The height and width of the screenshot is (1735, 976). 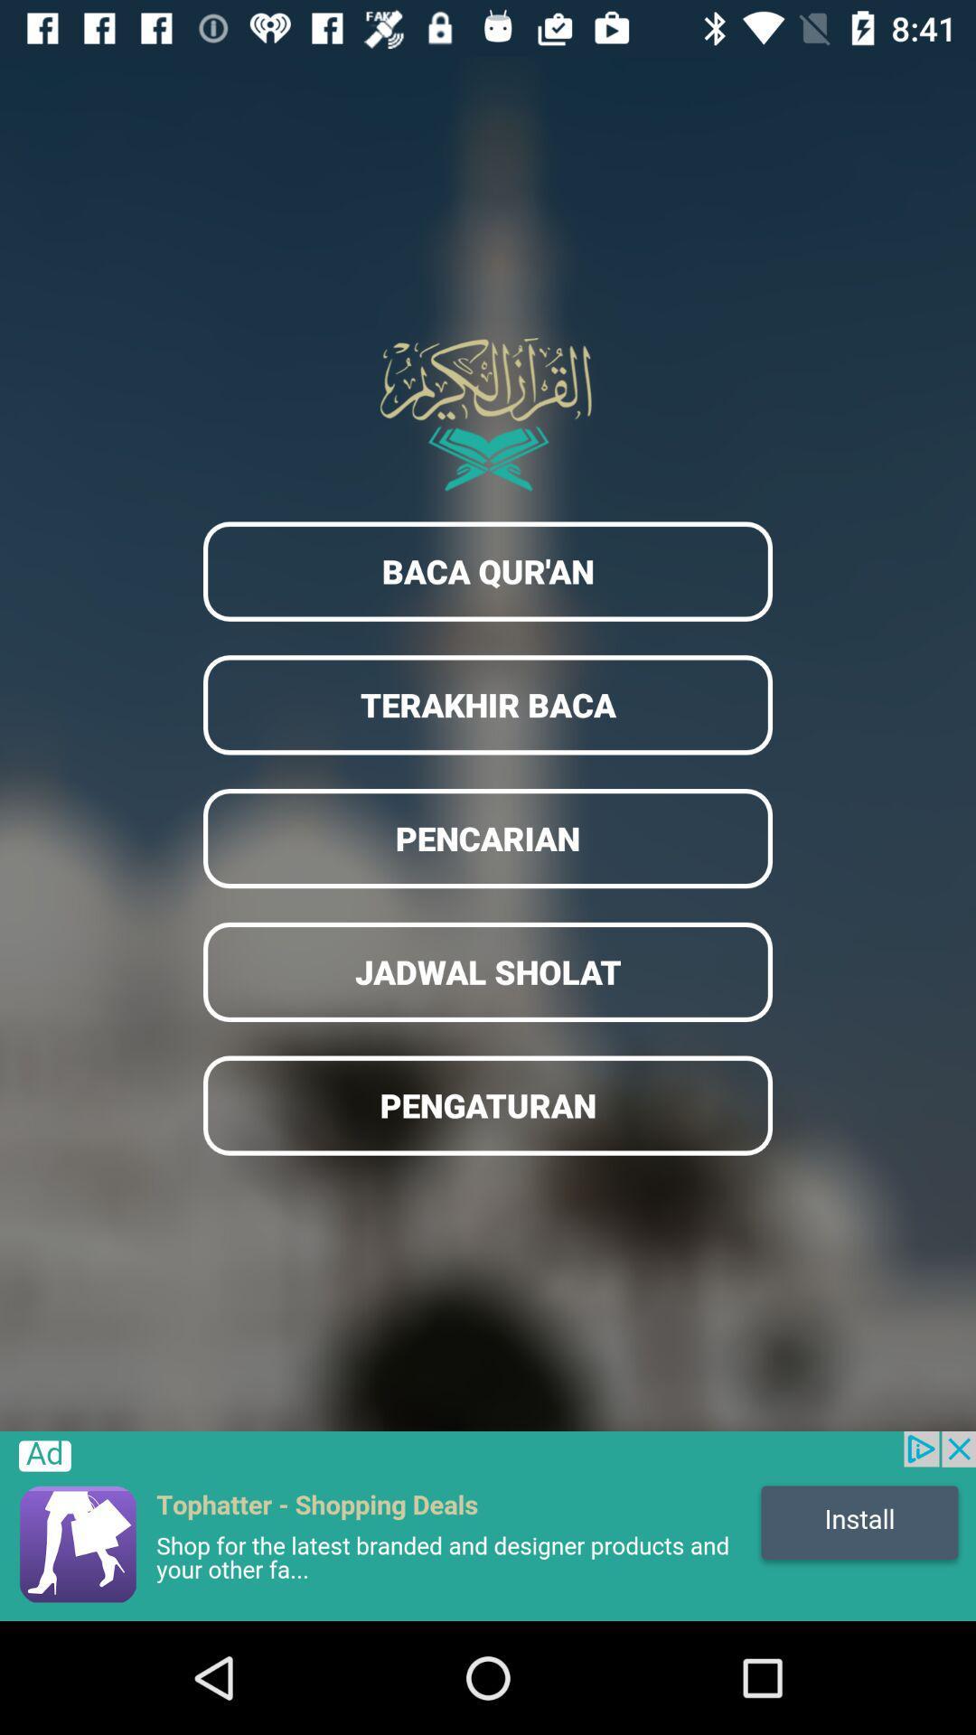 I want to click on advertisement website, so click(x=488, y=1525).